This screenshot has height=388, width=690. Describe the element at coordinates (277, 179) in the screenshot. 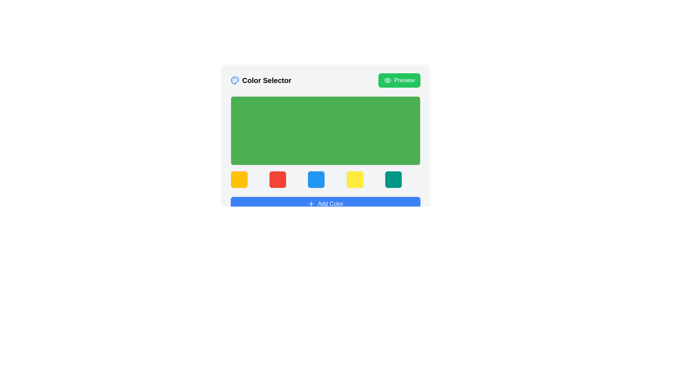

I see `the second color option square in the color selector interface` at that location.